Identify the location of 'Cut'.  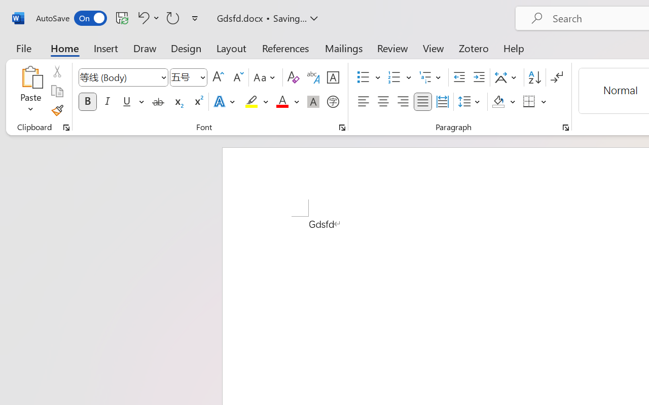
(56, 71).